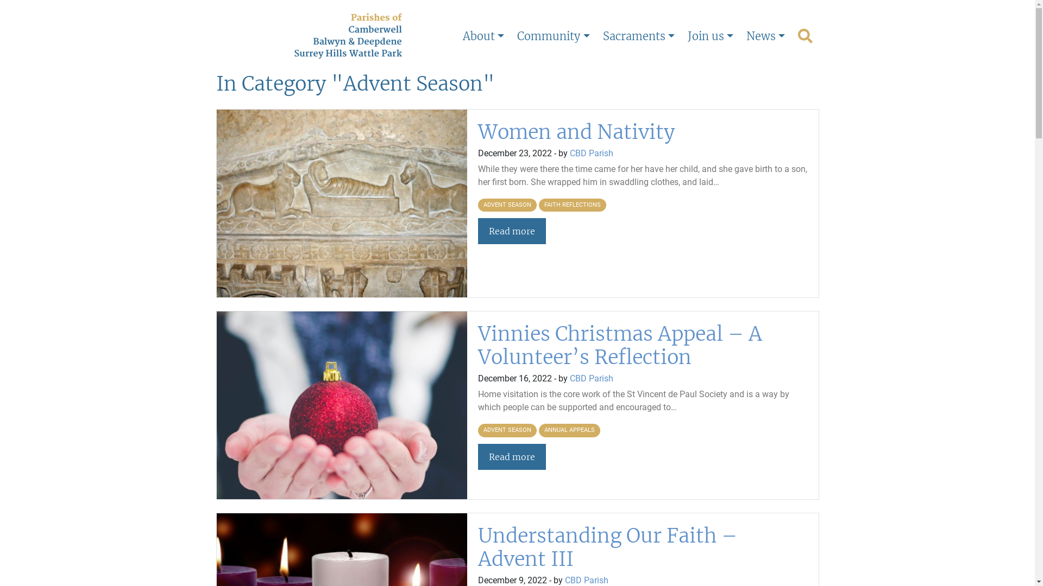 Image resolution: width=1043 pixels, height=586 pixels. Describe the element at coordinates (511, 456) in the screenshot. I see `'Read more'` at that location.